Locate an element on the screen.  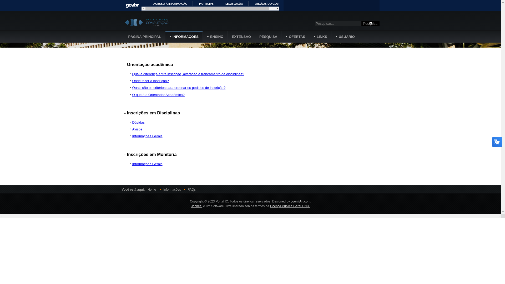
'Portal IC' is located at coordinates (124, 22).